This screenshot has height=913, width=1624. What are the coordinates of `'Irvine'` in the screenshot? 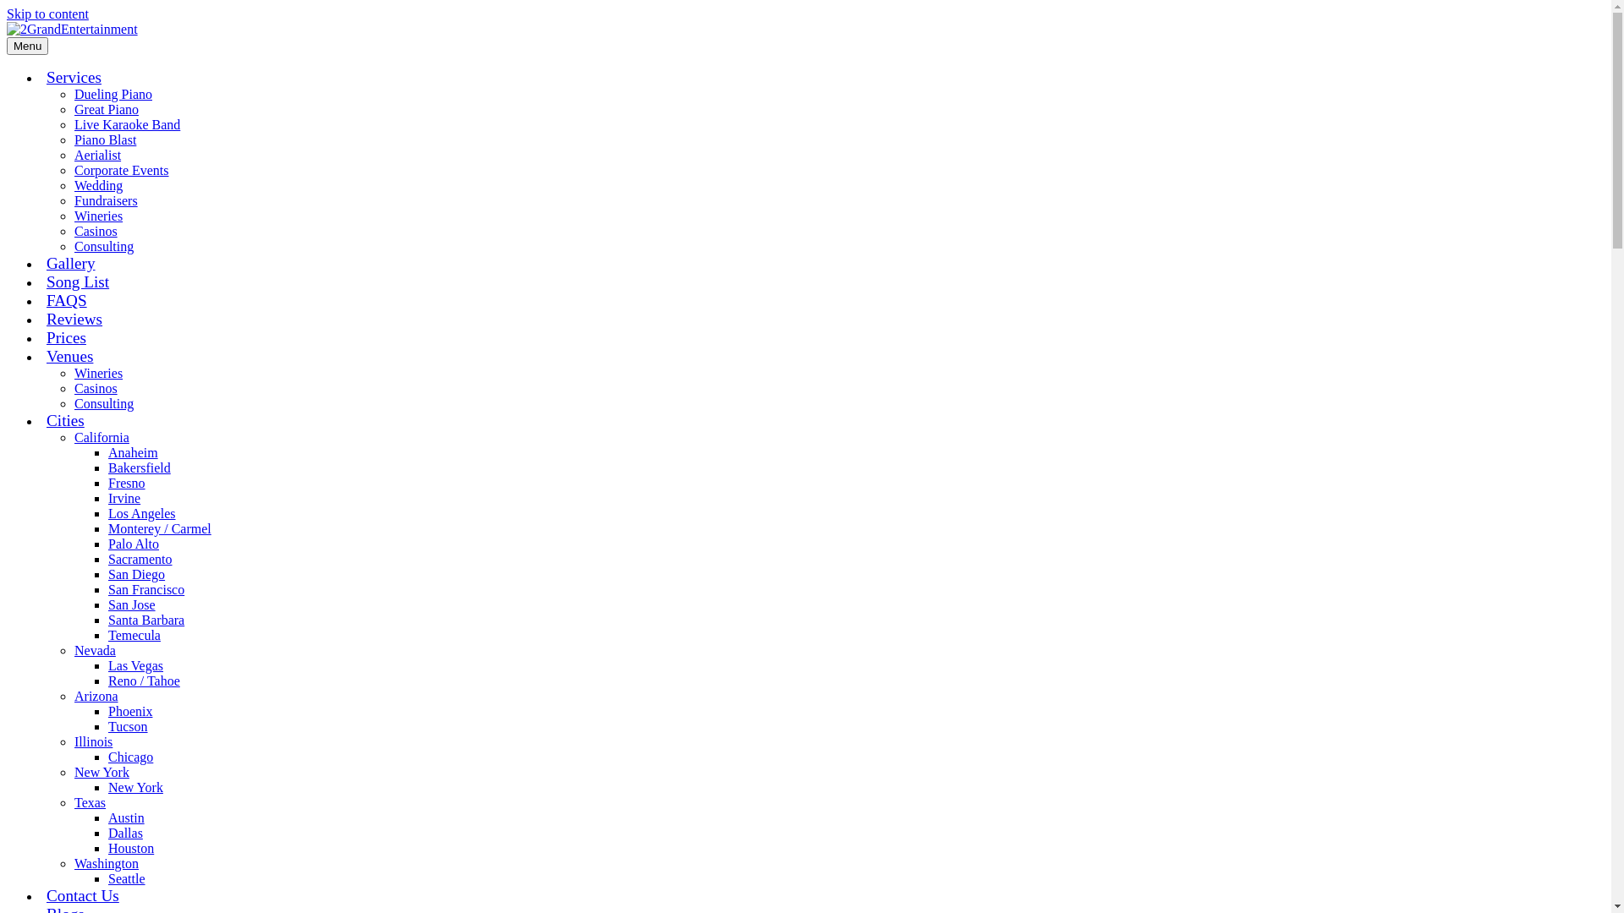 It's located at (123, 497).